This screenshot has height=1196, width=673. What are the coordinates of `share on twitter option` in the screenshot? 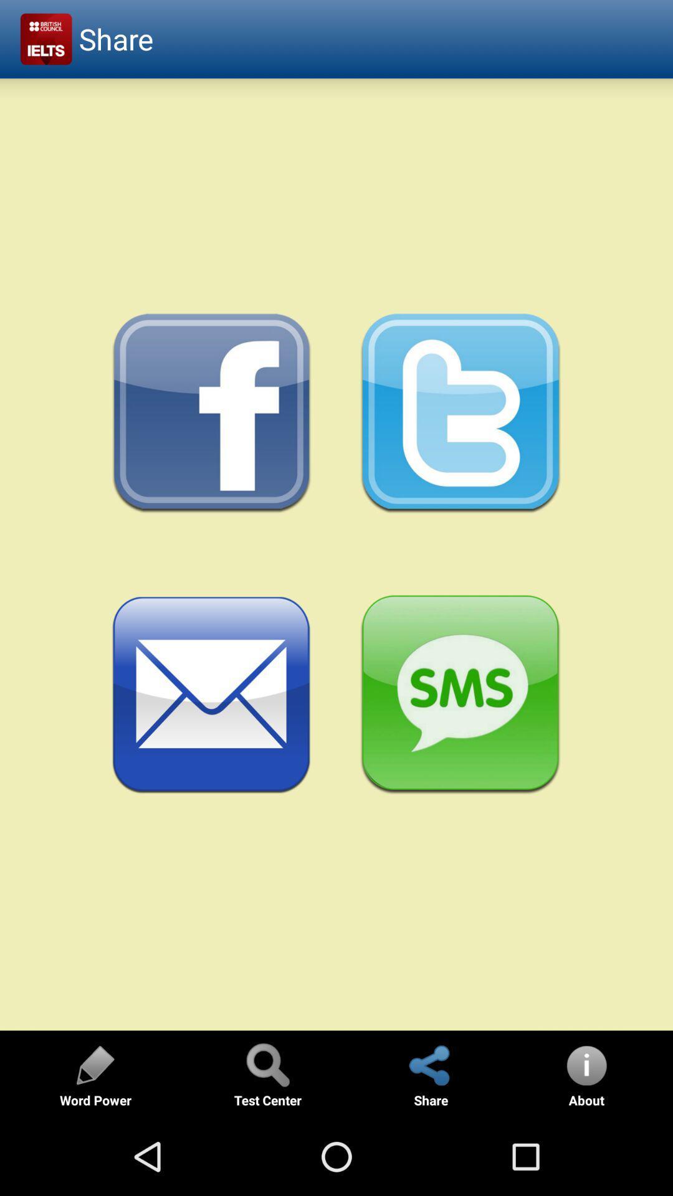 It's located at (461, 414).